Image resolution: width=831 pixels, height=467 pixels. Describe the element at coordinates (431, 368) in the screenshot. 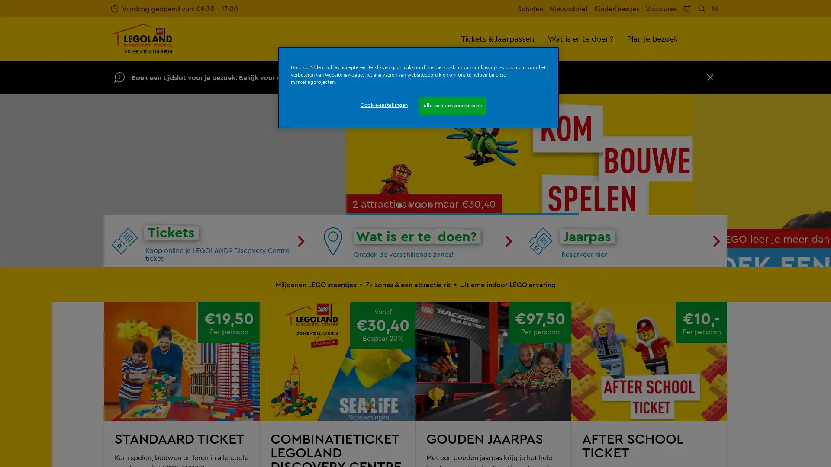

I see `Go to slide 4` at that location.